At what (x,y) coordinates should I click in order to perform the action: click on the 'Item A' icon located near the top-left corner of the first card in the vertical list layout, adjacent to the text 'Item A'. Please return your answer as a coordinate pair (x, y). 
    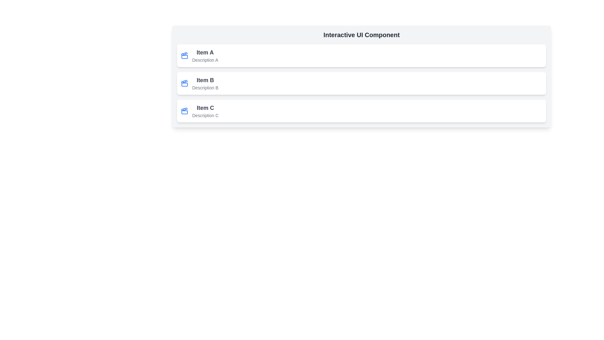
    Looking at the image, I should click on (184, 55).